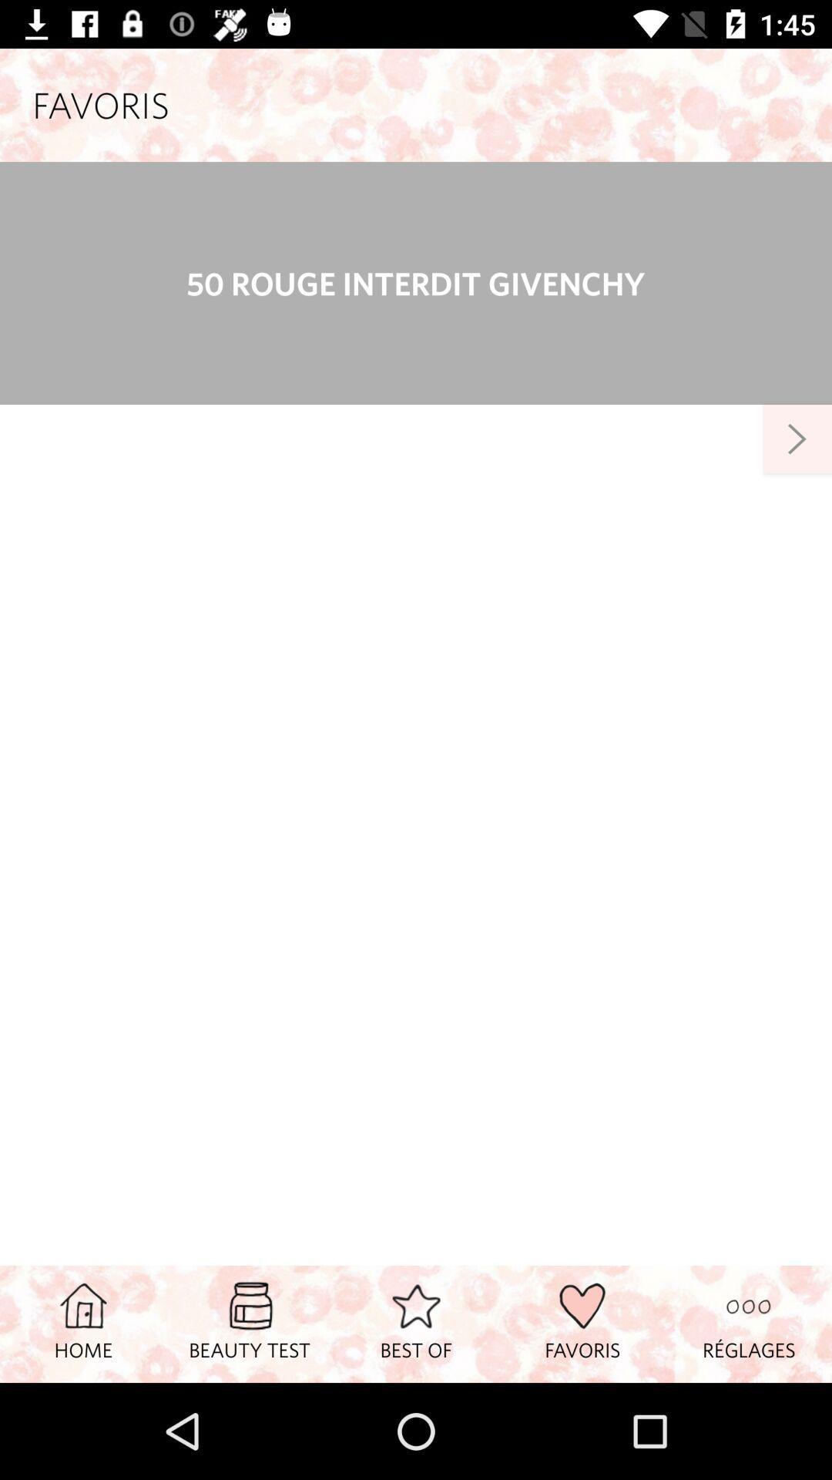  What do you see at coordinates (249, 1323) in the screenshot?
I see `beauty test` at bounding box center [249, 1323].